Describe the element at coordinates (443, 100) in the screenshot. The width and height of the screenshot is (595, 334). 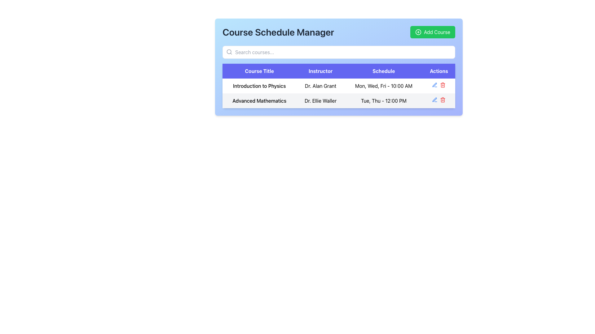
I see `the trash icon button in the second row under the 'Actions' column` at that location.